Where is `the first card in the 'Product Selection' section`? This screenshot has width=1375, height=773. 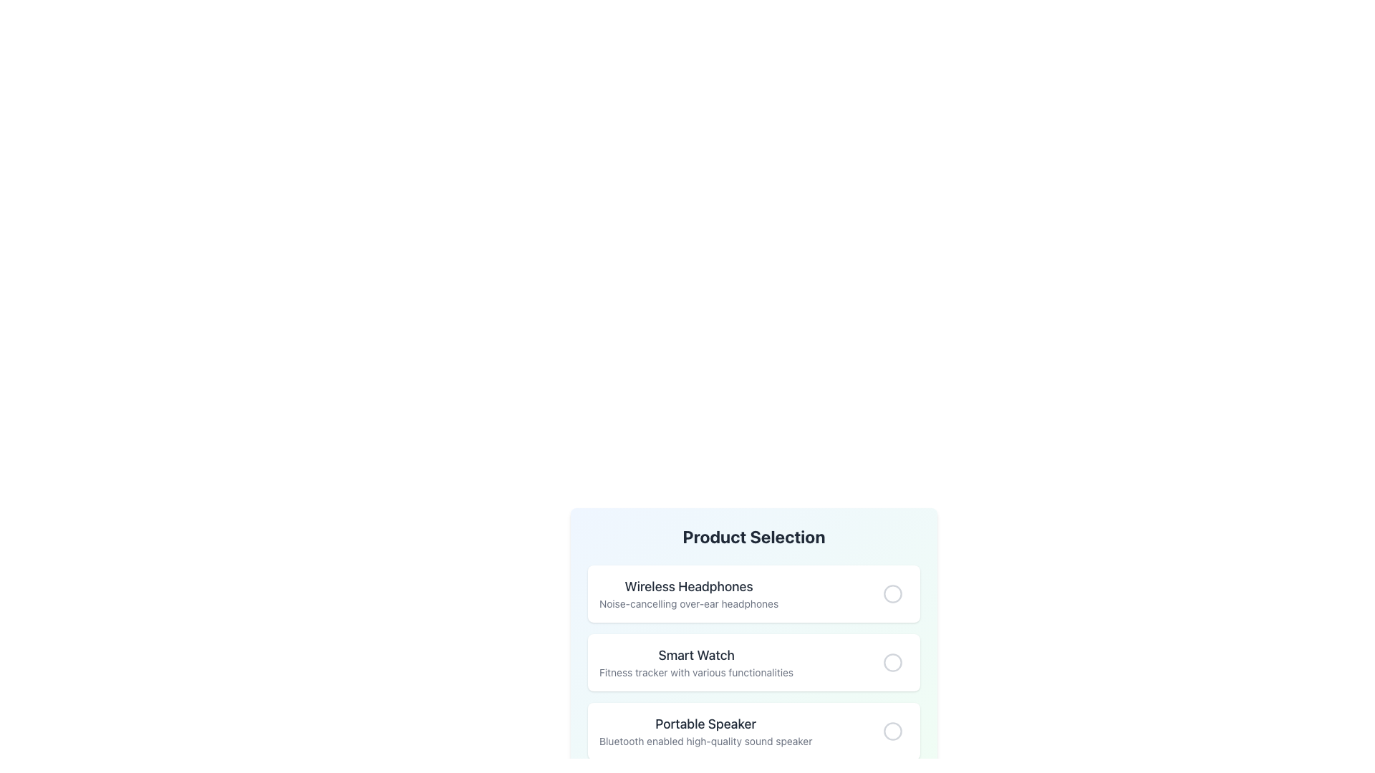 the first card in the 'Product Selection' section is located at coordinates (753, 593).